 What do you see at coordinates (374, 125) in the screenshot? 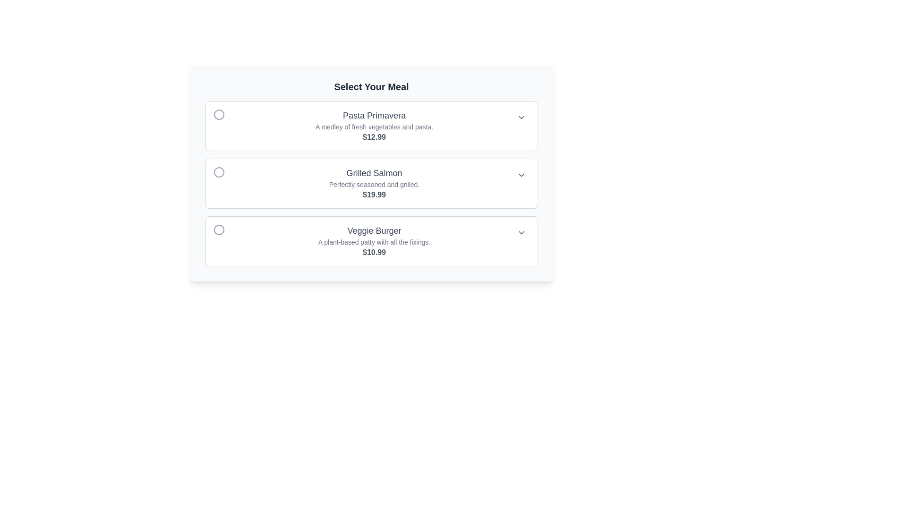
I see `the text block displaying information about the meal option 'Pasta Primavera', which includes its title, description, and price, located in the first option box of the meal choices list` at bounding box center [374, 125].